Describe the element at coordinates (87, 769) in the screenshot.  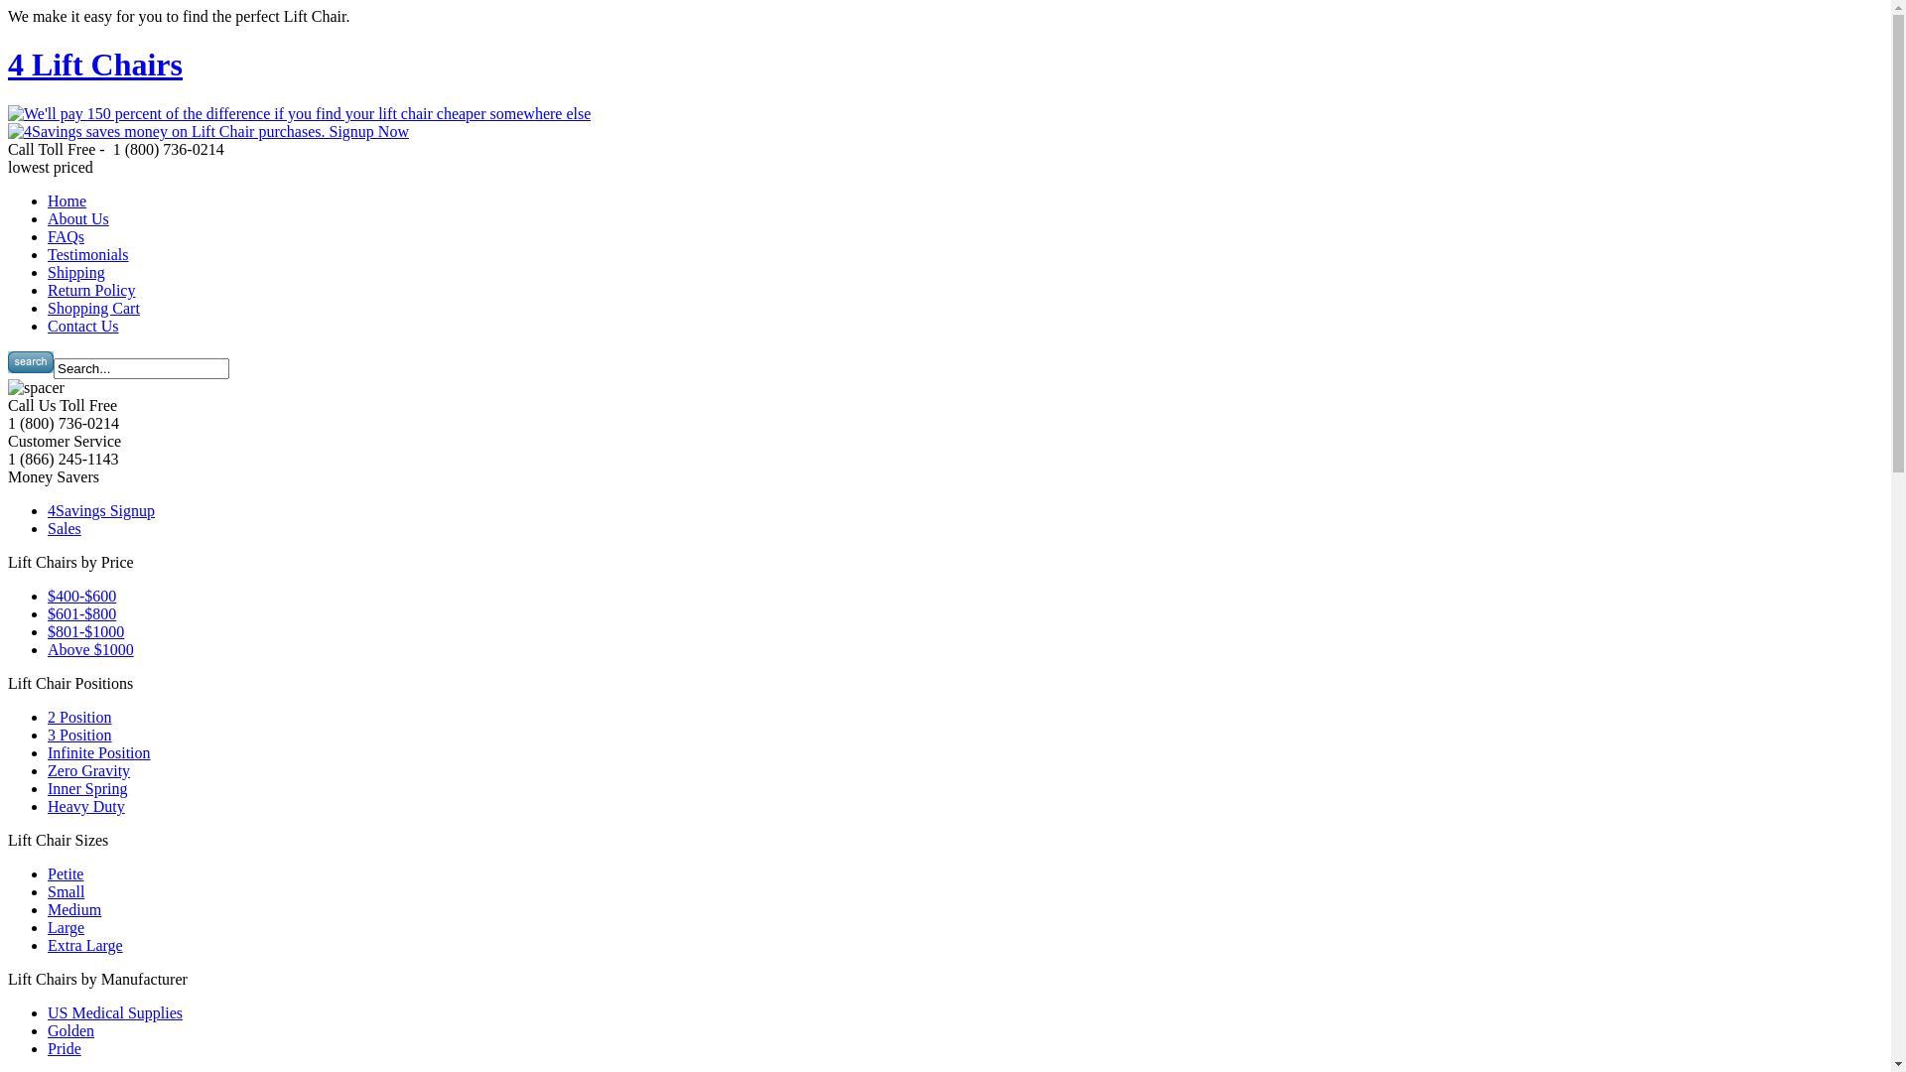
I see `'Zero Gravity'` at that location.